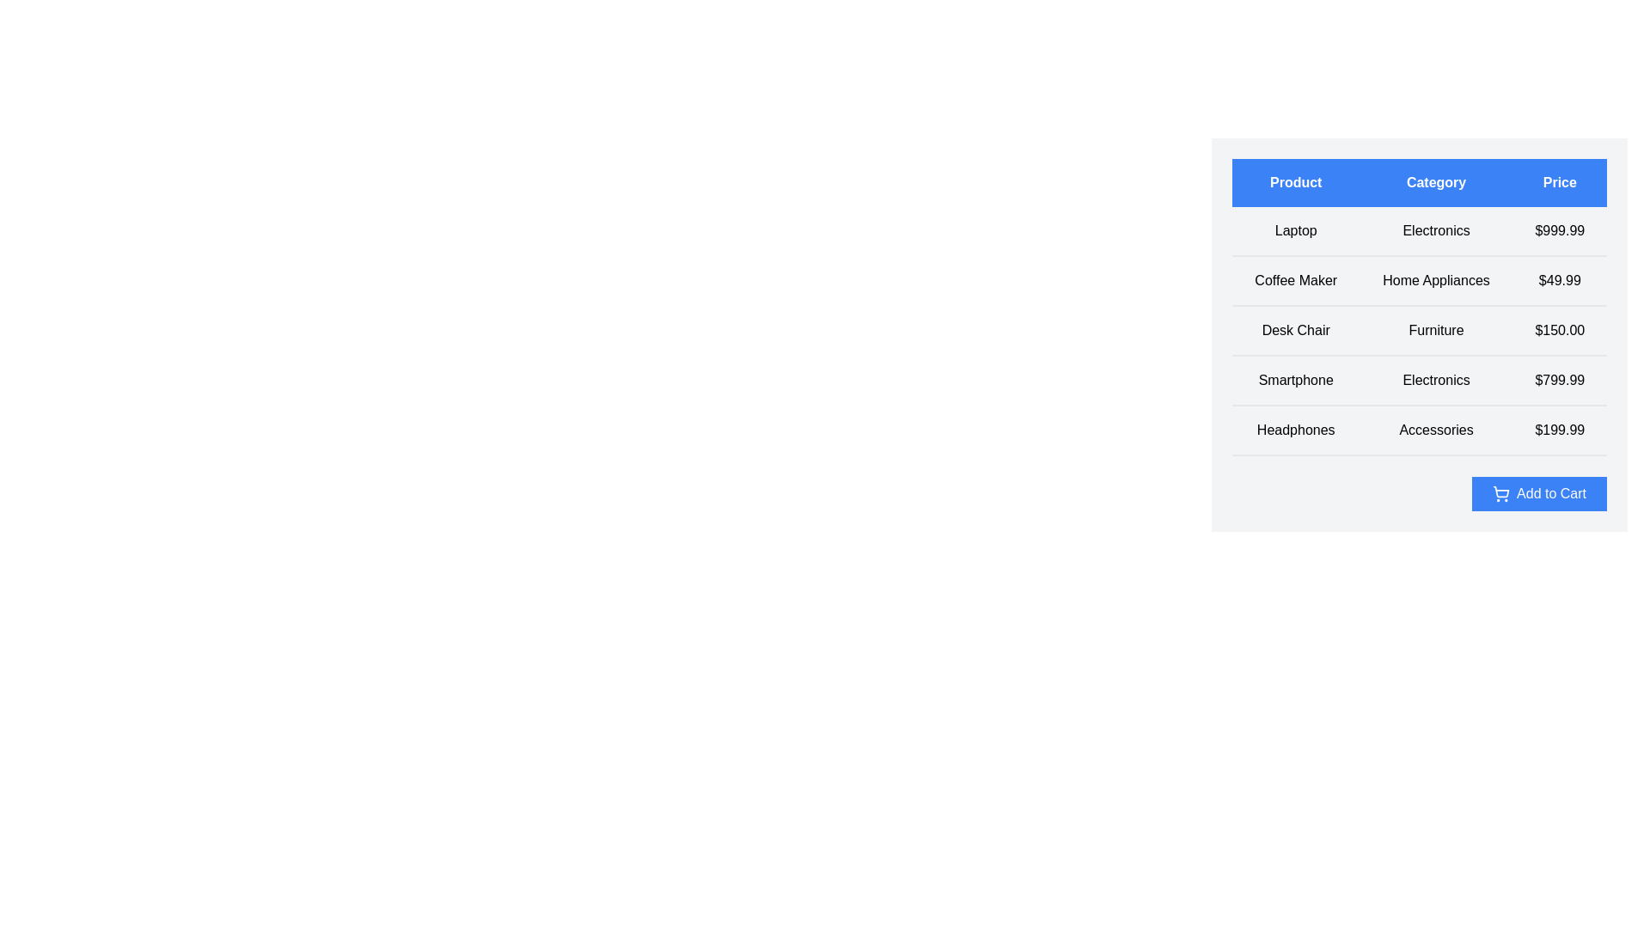 This screenshot has width=1650, height=928. What do you see at coordinates (1436, 280) in the screenshot?
I see `the 'Home Appliances' text label, which is centrally aligned in the second row, second column of the grid under the 'Category' header` at bounding box center [1436, 280].